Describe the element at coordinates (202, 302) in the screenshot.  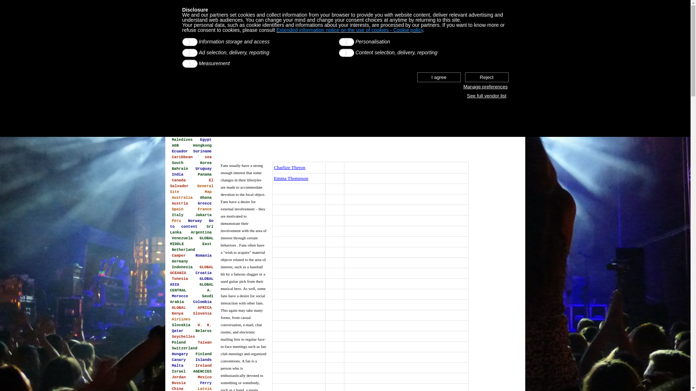
I see `'Colombia'` at that location.